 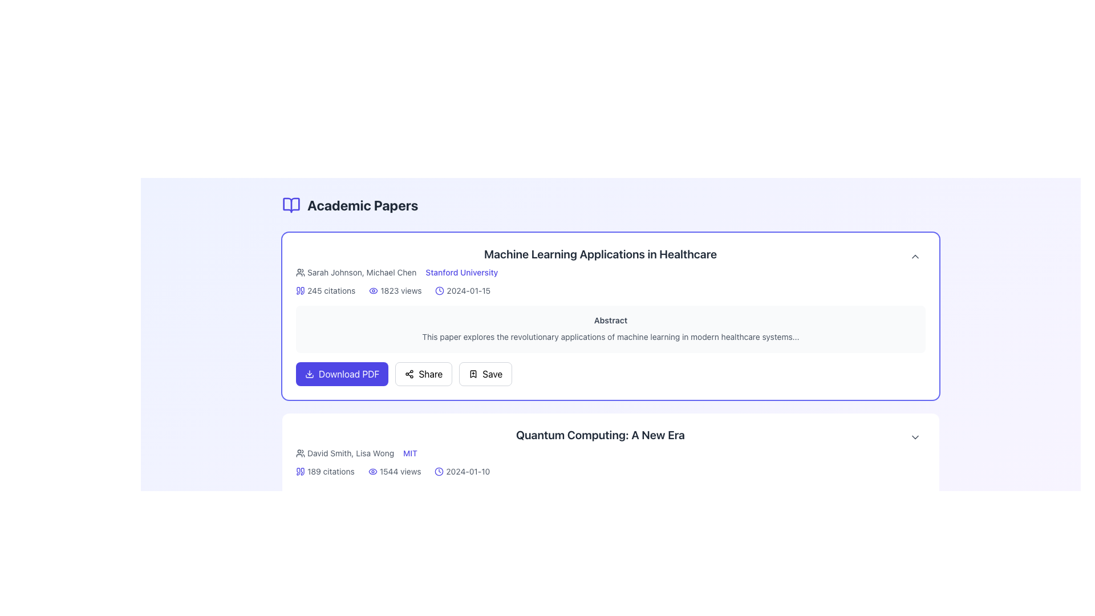 What do you see at coordinates (395, 471) in the screenshot?
I see `the static informational display element showing '1544 views' with an eye icon, positioned as the second indicator in a horizontal row of related indicators` at bounding box center [395, 471].